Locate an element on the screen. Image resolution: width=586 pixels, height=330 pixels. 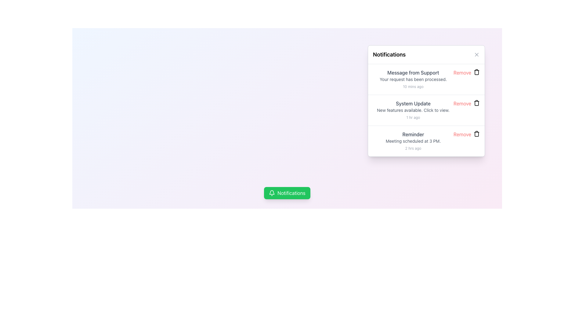
the small black trash can icon next to the 'Remove' text in the 'Message from Support' notification is located at coordinates (476, 71).